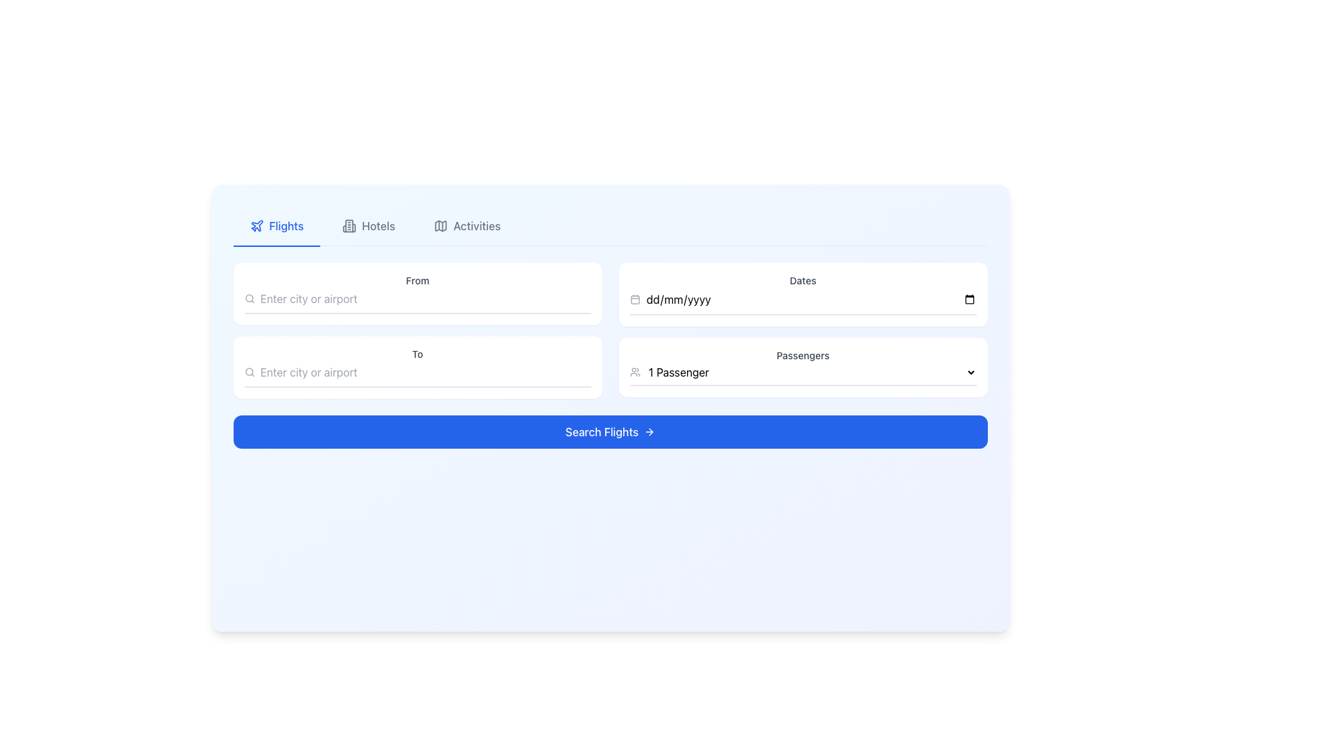 This screenshot has height=749, width=1331. What do you see at coordinates (379, 225) in the screenshot?
I see `the 'Hotels' label located in the navigation bar, which is styled with medium font weight and is the second text element in a sequence of clickable navigation options` at bounding box center [379, 225].